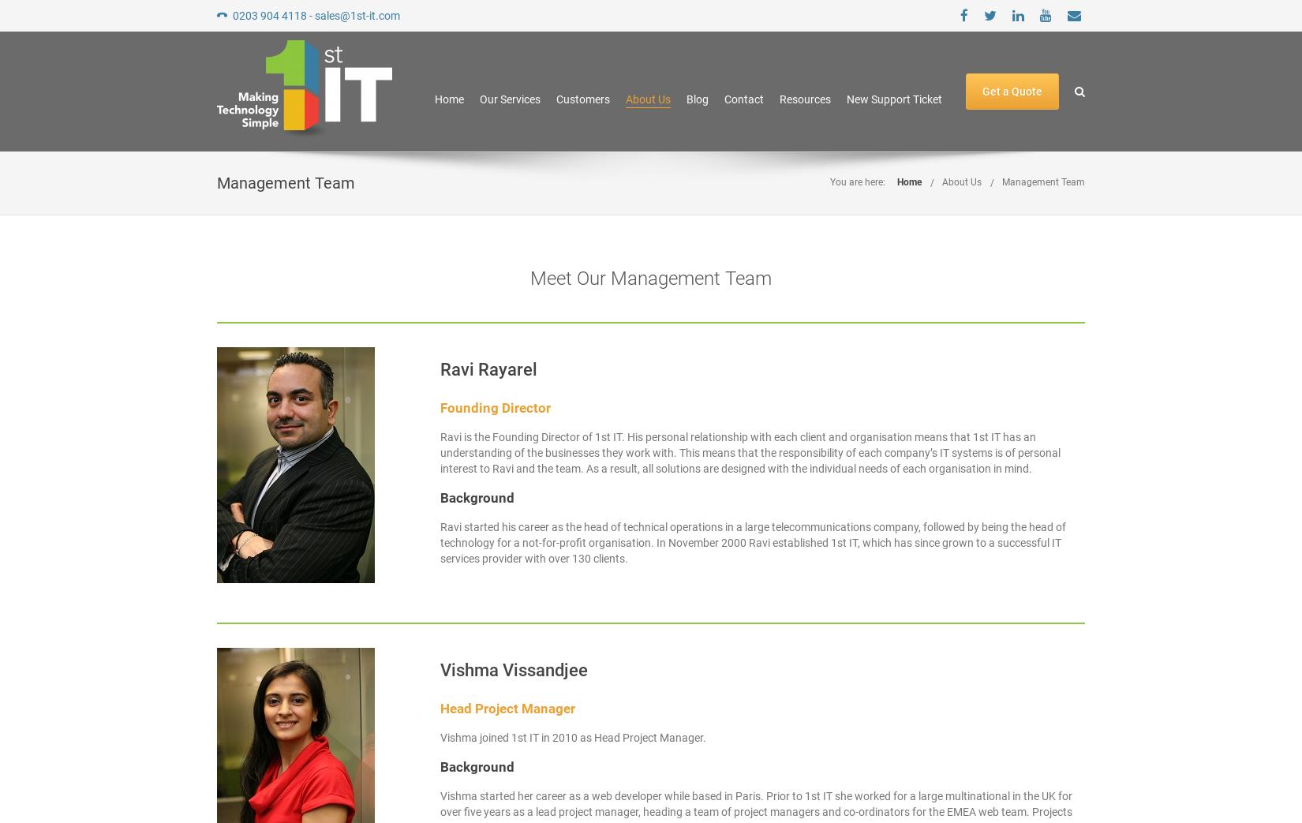  Describe the element at coordinates (316, 15) in the screenshot. I see `'0203 904 4118 - sales@1st-it.com'` at that location.